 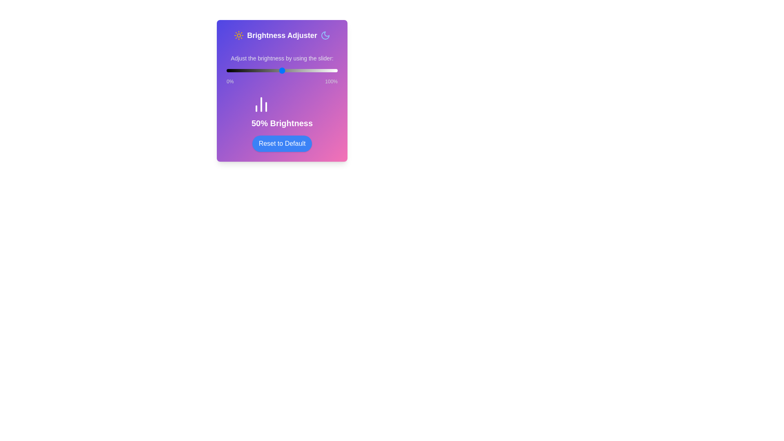 What do you see at coordinates (241, 70) in the screenshot?
I see `the brightness to 13% by moving the slider` at bounding box center [241, 70].